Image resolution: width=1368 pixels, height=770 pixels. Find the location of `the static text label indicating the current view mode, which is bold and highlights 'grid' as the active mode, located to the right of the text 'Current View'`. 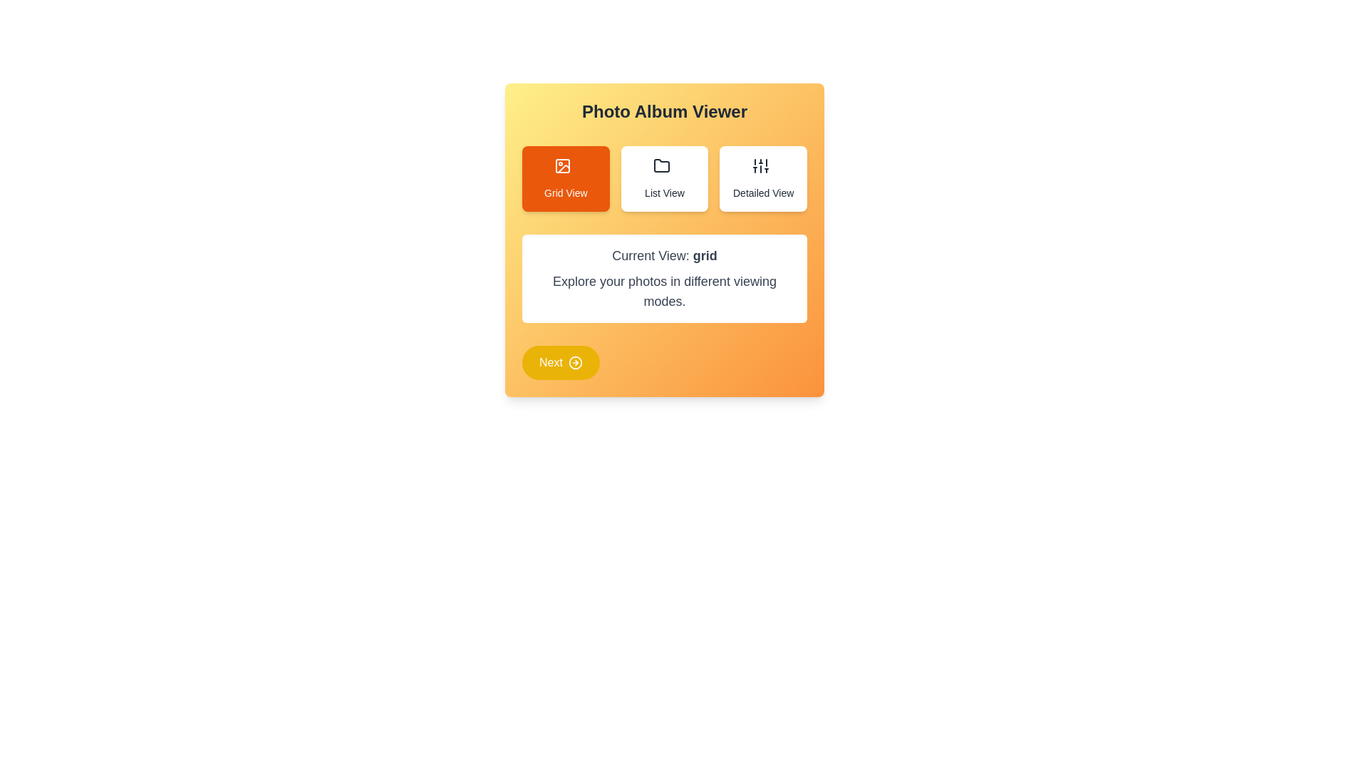

the static text label indicating the current view mode, which is bold and highlights 'grid' as the active mode, located to the right of the text 'Current View' is located at coordinates (705, 255).